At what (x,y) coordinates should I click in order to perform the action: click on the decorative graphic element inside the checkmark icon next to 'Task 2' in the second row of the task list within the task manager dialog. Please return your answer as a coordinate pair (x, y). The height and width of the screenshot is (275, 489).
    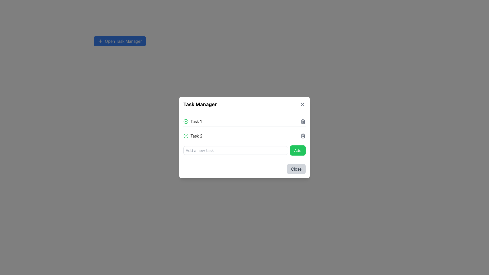
    Looking at the image, I should click on (185, 121).